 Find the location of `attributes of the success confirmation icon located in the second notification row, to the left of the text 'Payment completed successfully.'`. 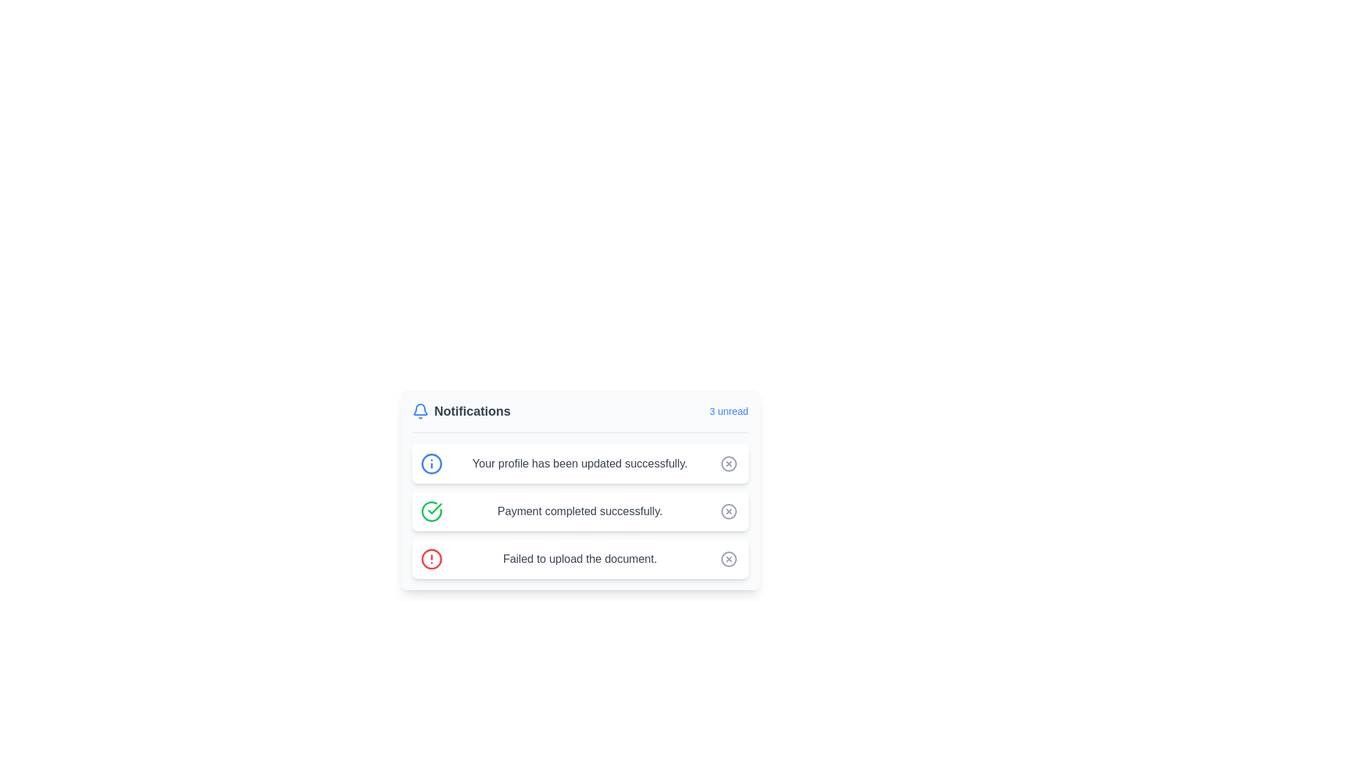

attributes of the success confirmation icon located in the second notification row, to the left of the text 'Payment completed successfully.' is located at coordinates (434, 508).